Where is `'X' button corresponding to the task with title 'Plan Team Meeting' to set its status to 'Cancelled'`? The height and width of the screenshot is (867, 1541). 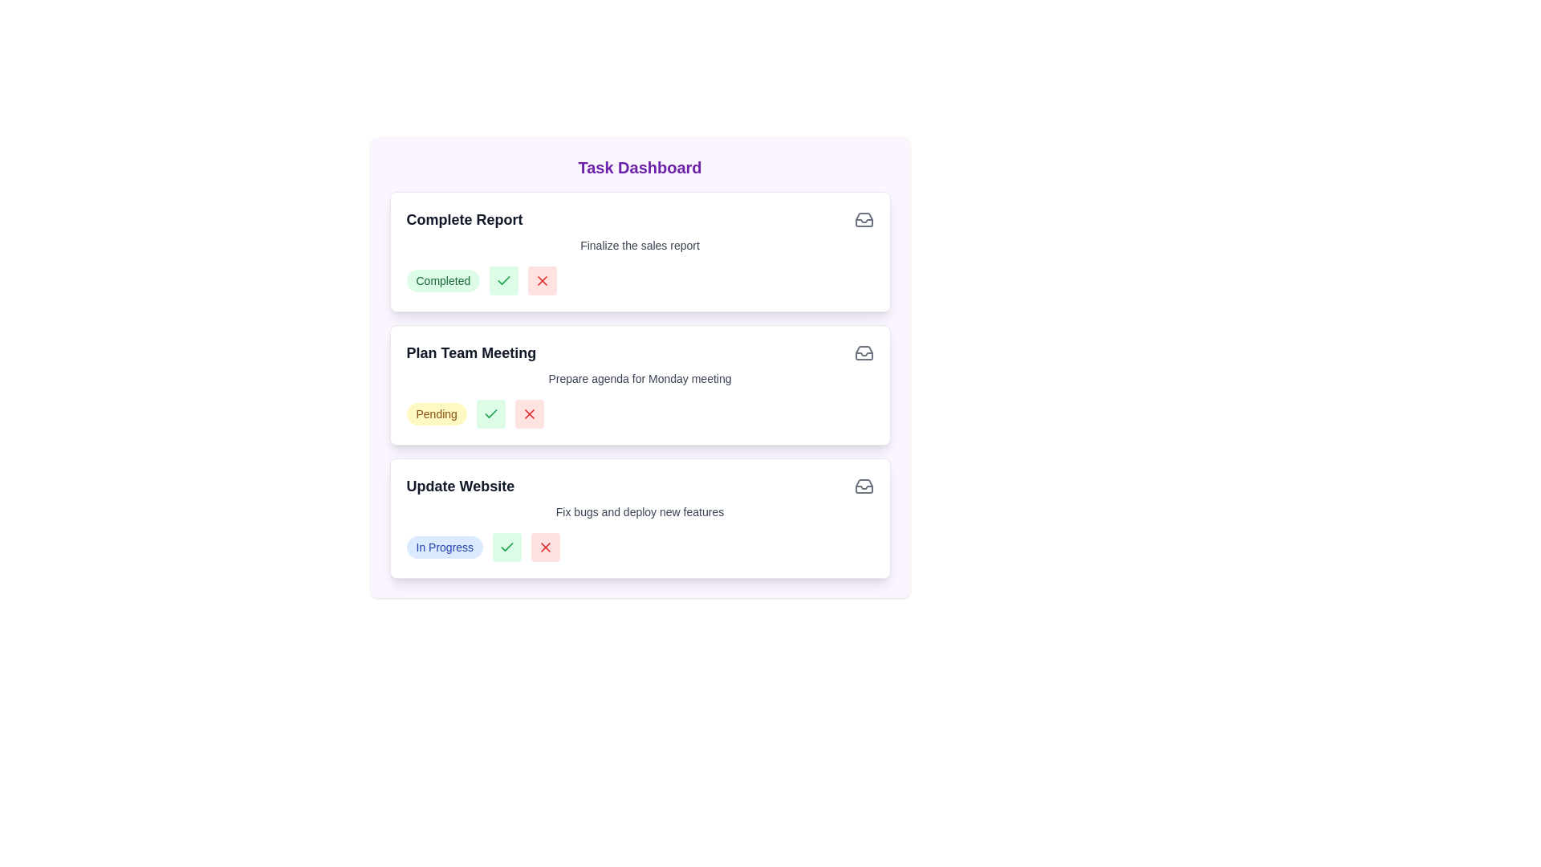 'X' button corresponding to the task with title 'Plan Team Meeting' to set its status to 'Cancelled' is located at coordinates (529, 413).